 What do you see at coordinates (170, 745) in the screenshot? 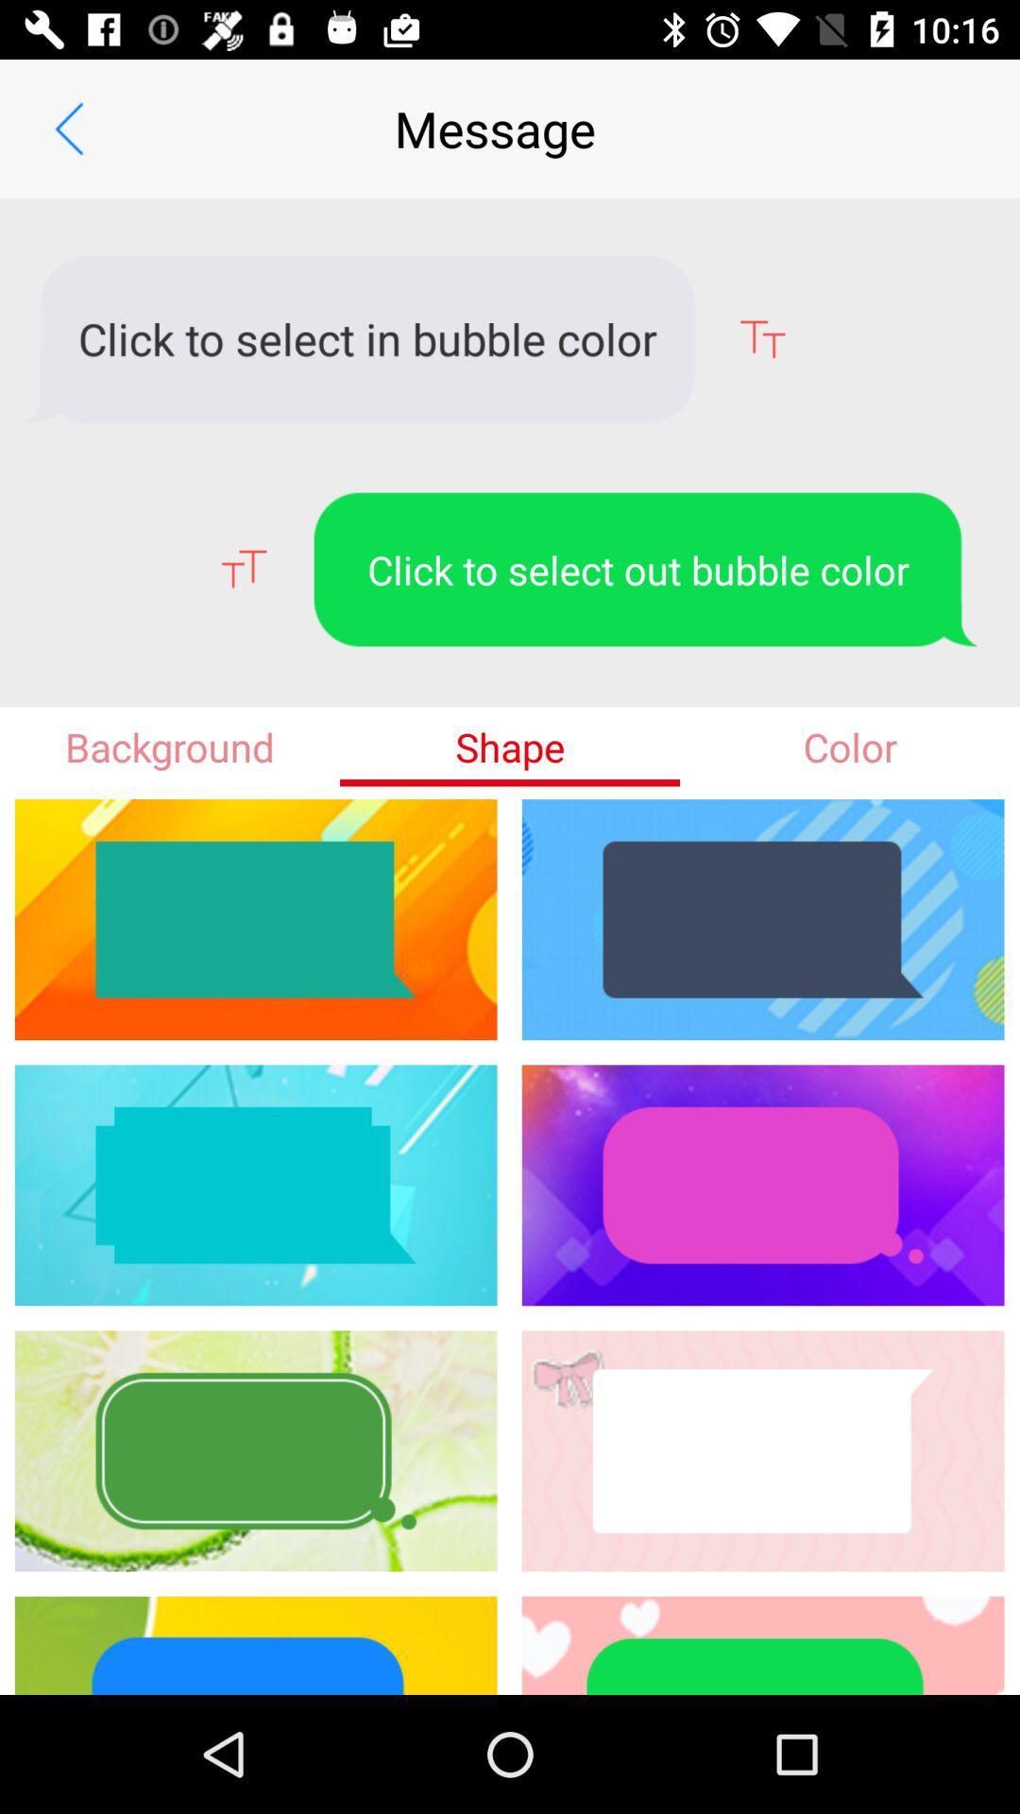
I see `the background item` at bounding box center [170, 745].